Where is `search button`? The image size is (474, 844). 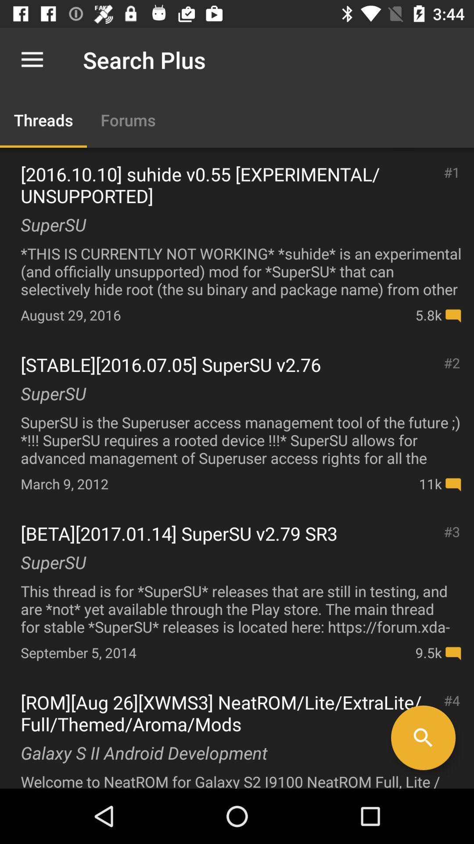 search button is located at coordinates (423, 738).